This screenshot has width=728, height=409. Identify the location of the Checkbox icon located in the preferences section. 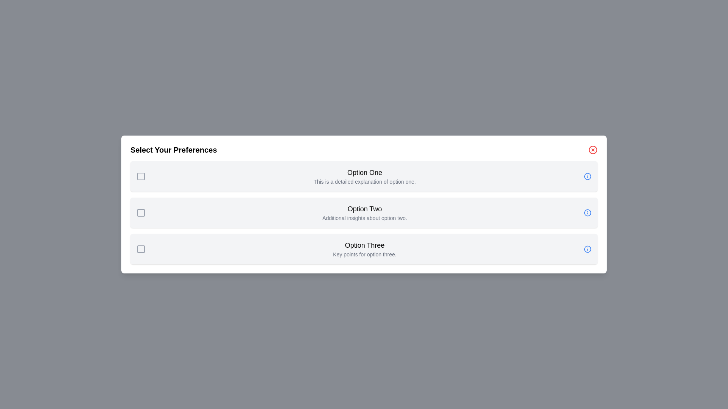
(141, 249).